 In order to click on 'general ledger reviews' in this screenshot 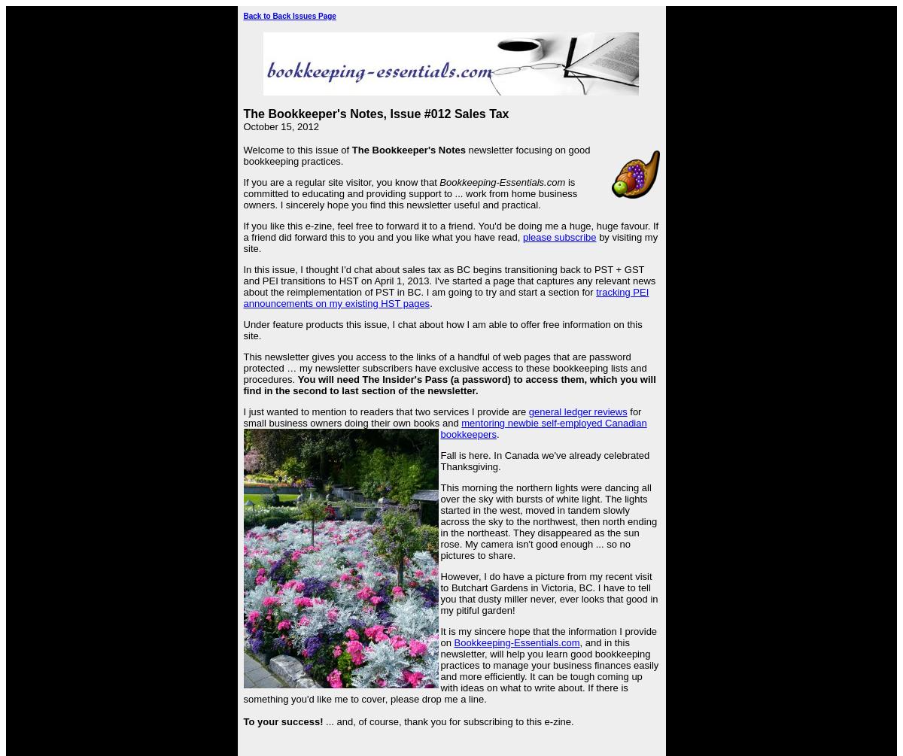, I will do `click(576, 411)`.